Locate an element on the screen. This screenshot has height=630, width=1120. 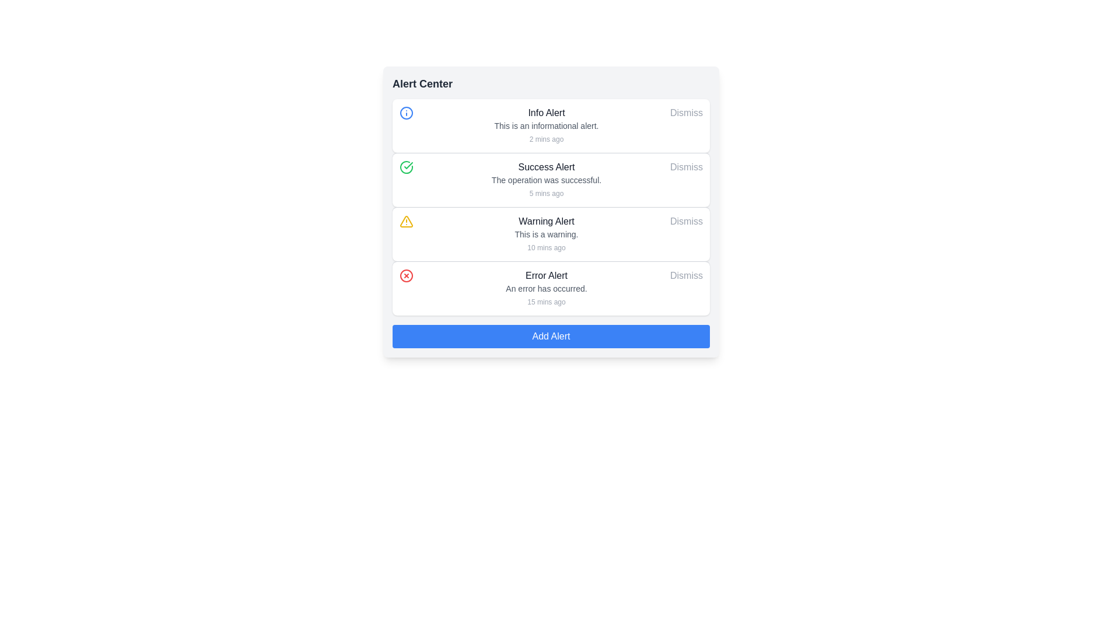
the static text label that indicates the relative time of the event associated with the 'Warning Alert' notification, located beneath 'This is a warning.' in the 'Warning Alert' section is located at coordinates (545, 247).